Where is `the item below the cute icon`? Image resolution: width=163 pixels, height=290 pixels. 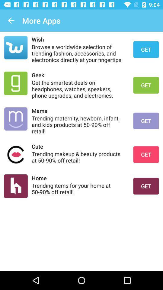
the item below the cute icon is located at coordinates (78, 157).